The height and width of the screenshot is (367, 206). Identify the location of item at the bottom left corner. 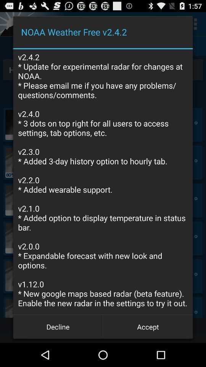
(58, 326).